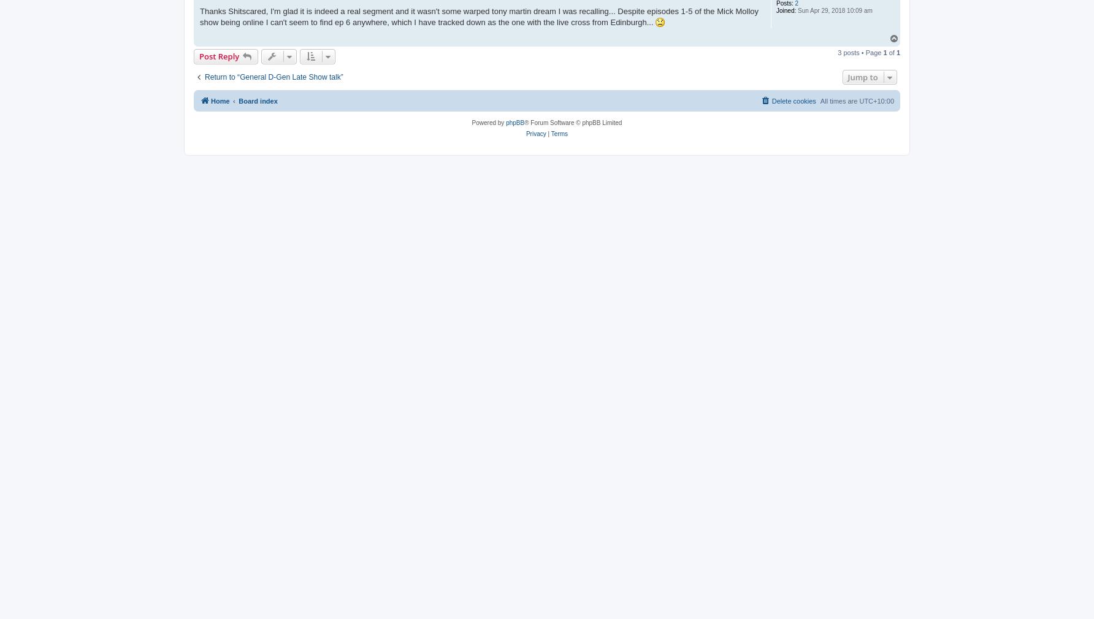  Describe the element at coordinates (862, 76) in the screenshot. I see `'Jump to'` at that location.